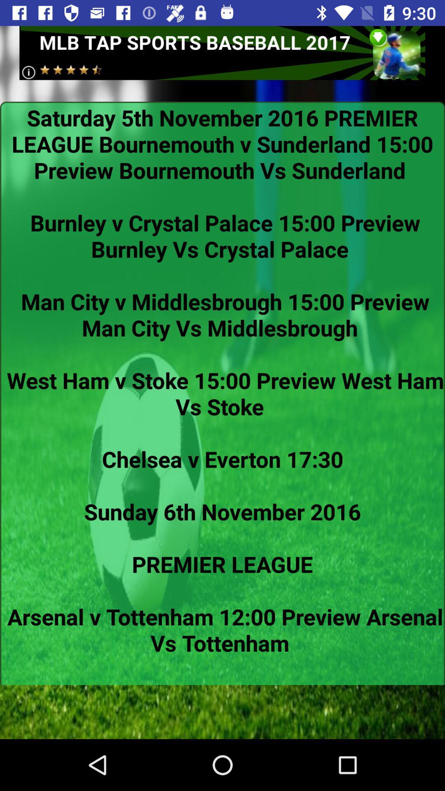 This screenshot has height=791, width=445. I want to click on new advertisement open box, so click(222, 52).